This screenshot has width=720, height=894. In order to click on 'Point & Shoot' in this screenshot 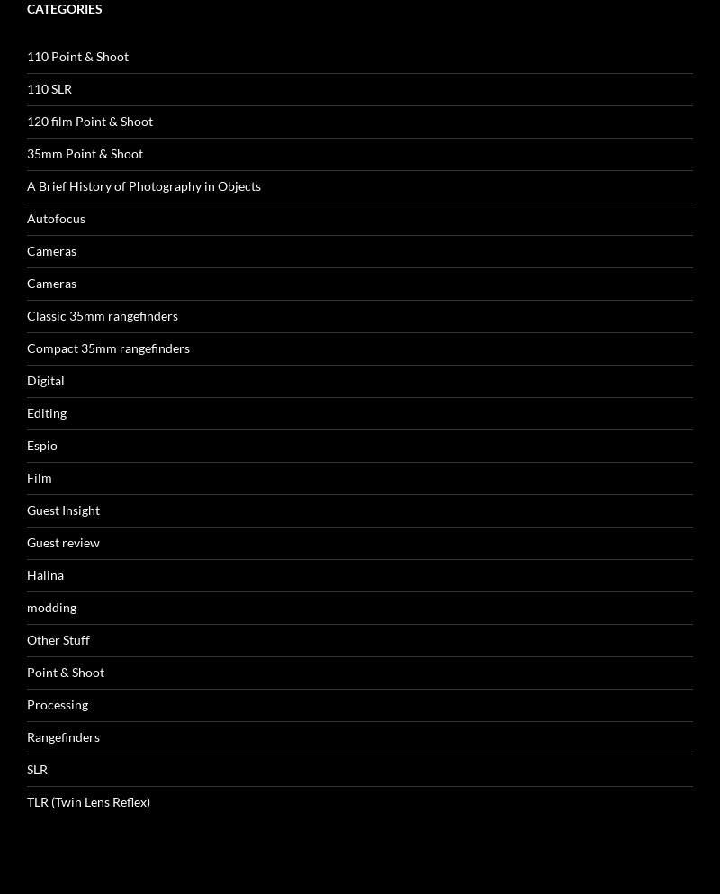, I will do `click(65, 418)`.